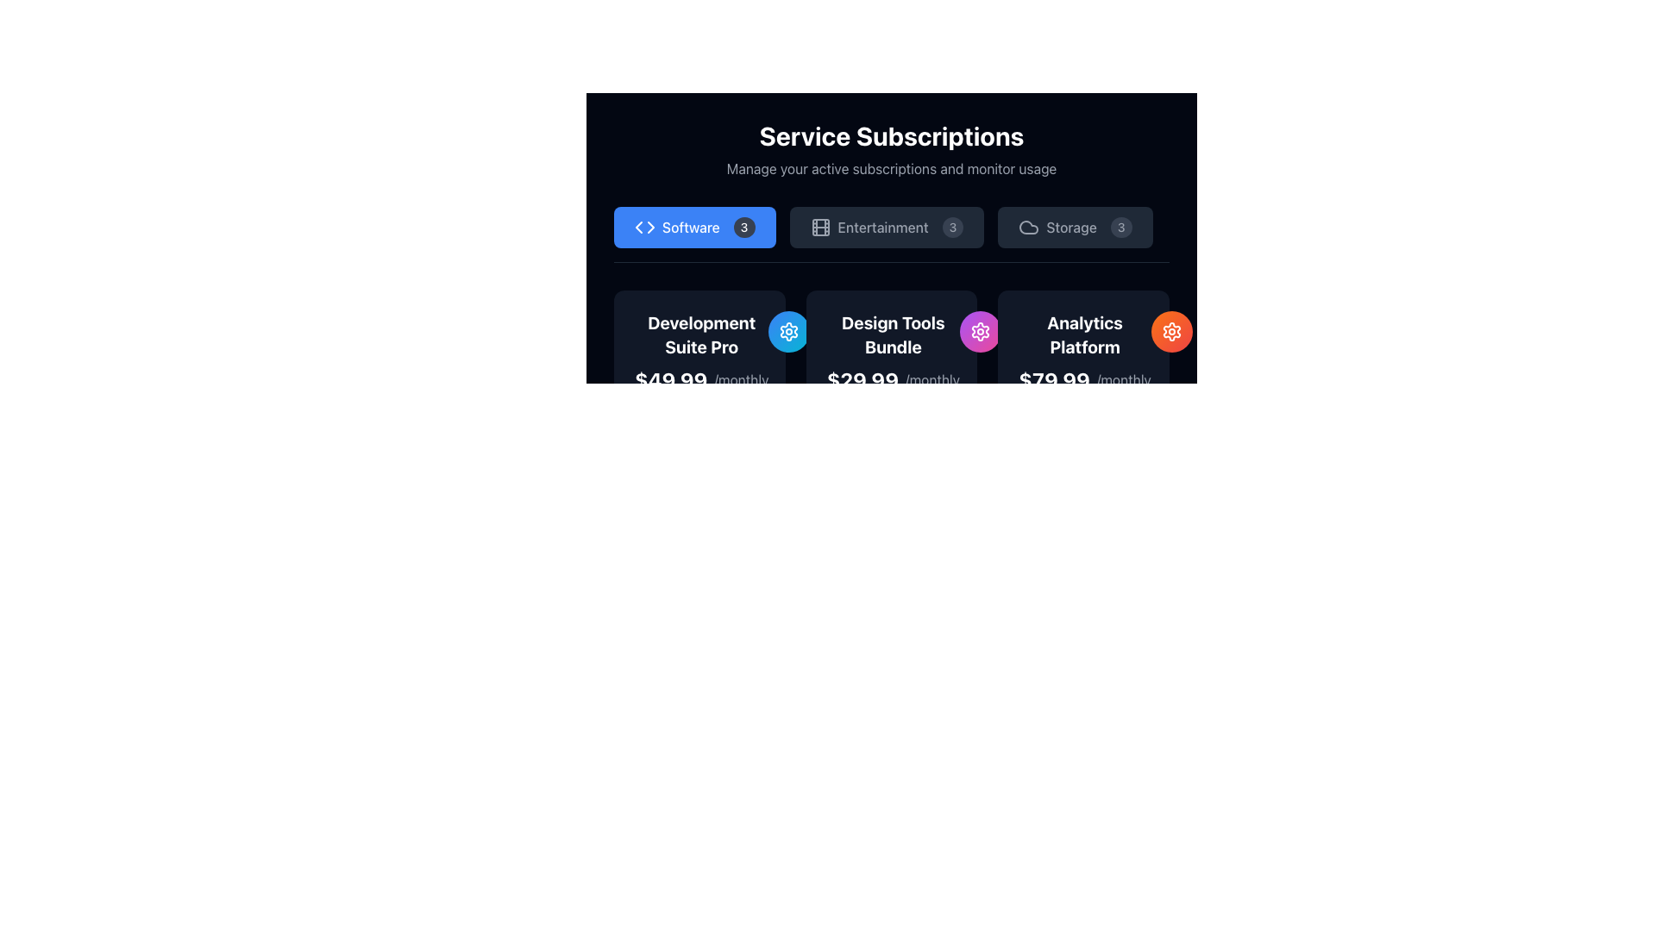 The image size is (1656, 931). What do you see at coordinates (862, 378) in the screenshot?
I see `pricing information displayed in the text label for the 'Design Tools Bundle' subscription plan, which indicates a cost of $29.99` at bounding box center [862, 378].